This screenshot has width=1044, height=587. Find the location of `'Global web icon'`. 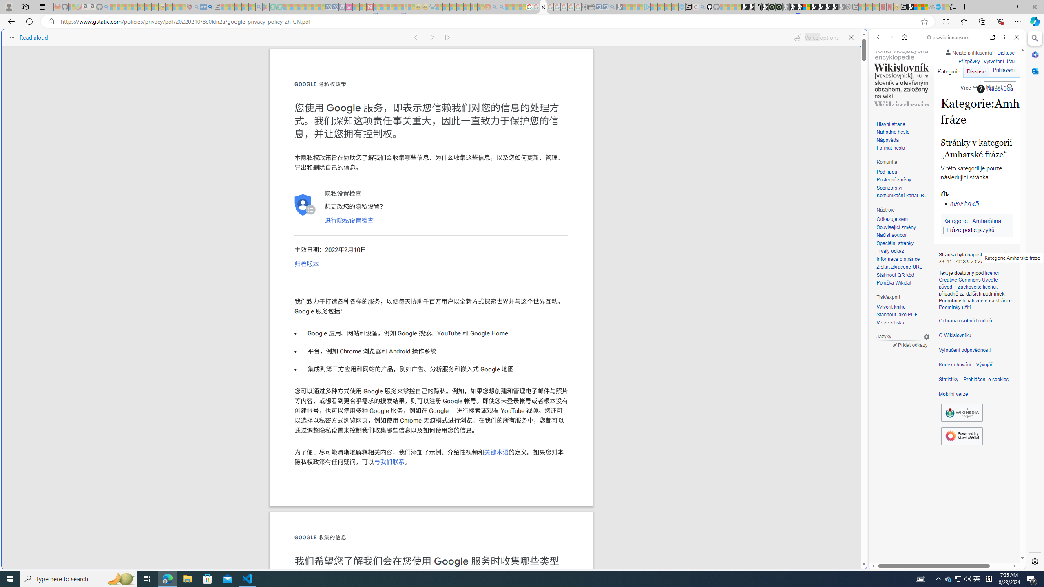

'Global web icon' is located at coordinates (884, 563).